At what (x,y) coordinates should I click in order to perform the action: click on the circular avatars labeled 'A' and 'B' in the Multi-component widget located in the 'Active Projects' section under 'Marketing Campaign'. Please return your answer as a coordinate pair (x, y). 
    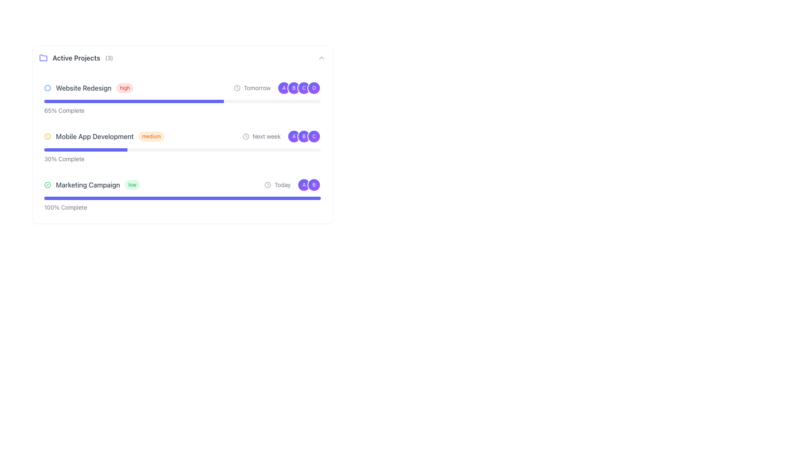
    Looking at the image, I should click on (292, 185).